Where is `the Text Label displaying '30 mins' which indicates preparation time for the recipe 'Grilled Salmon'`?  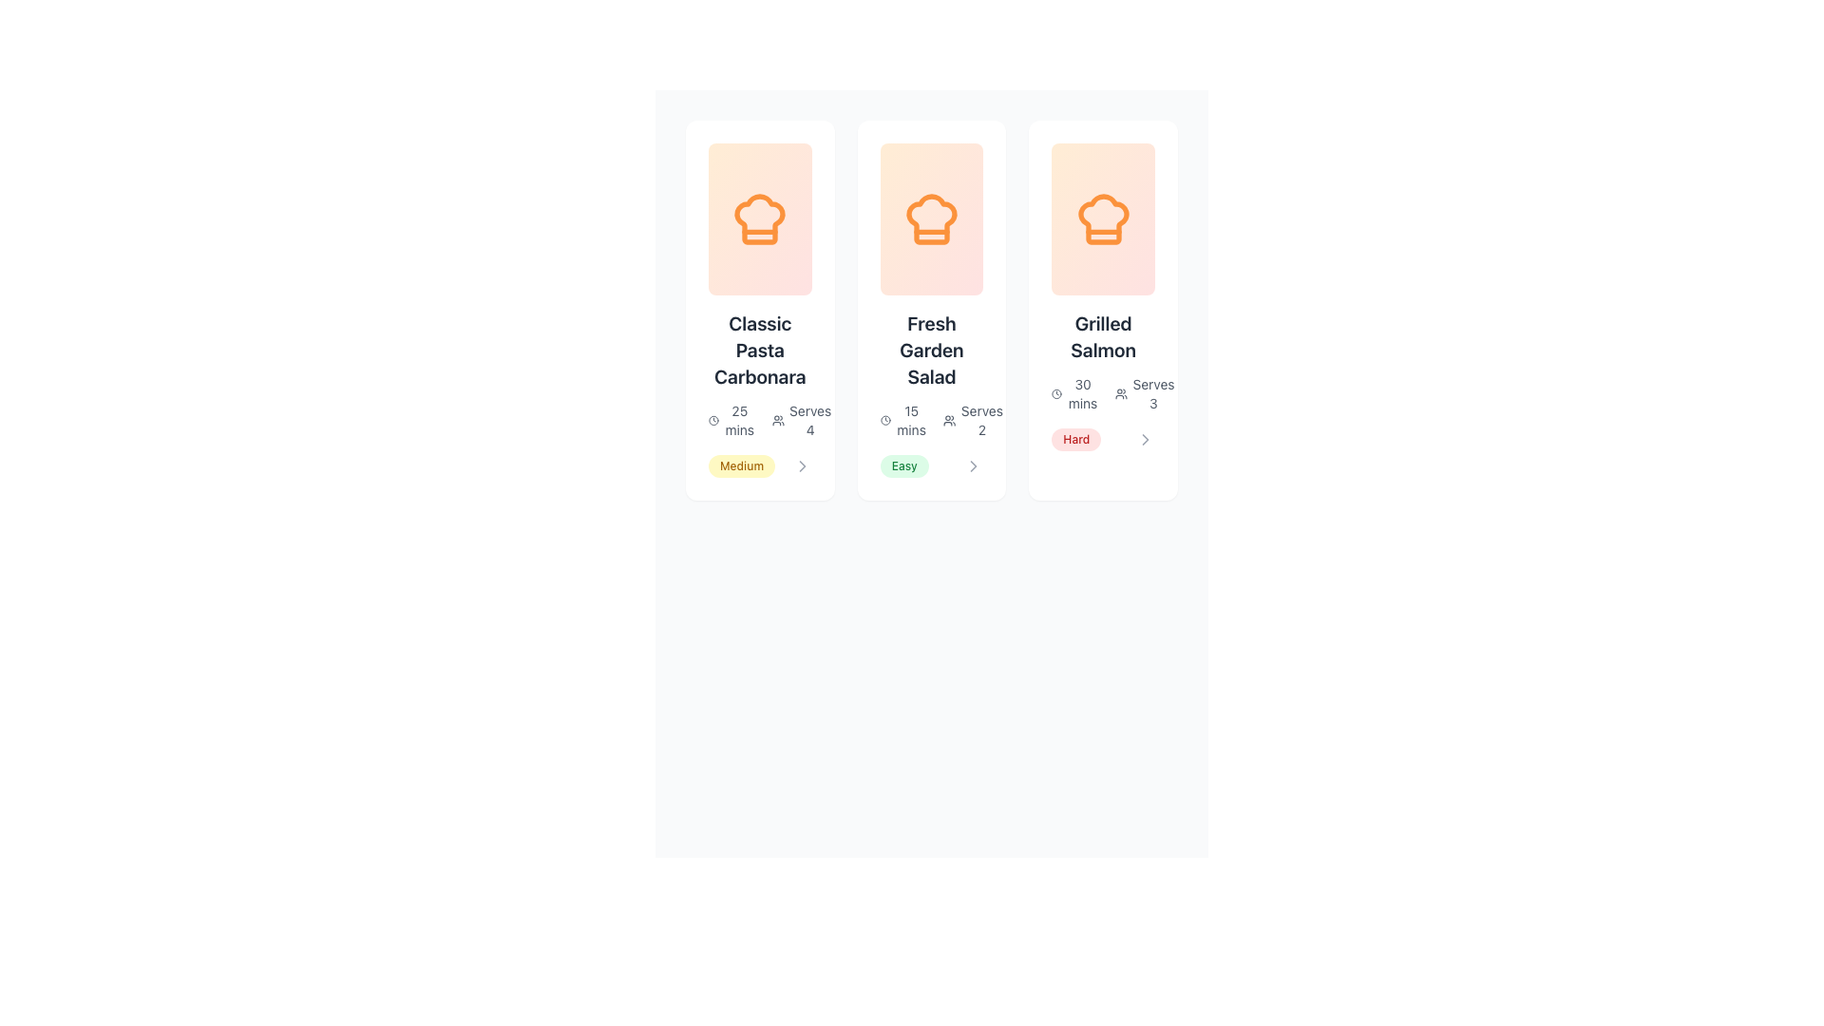
the Text Label displaying '30 mins' which indicates preparation time for the recipe 'Grilled Salmon' is located at coordinates (1083, 393).